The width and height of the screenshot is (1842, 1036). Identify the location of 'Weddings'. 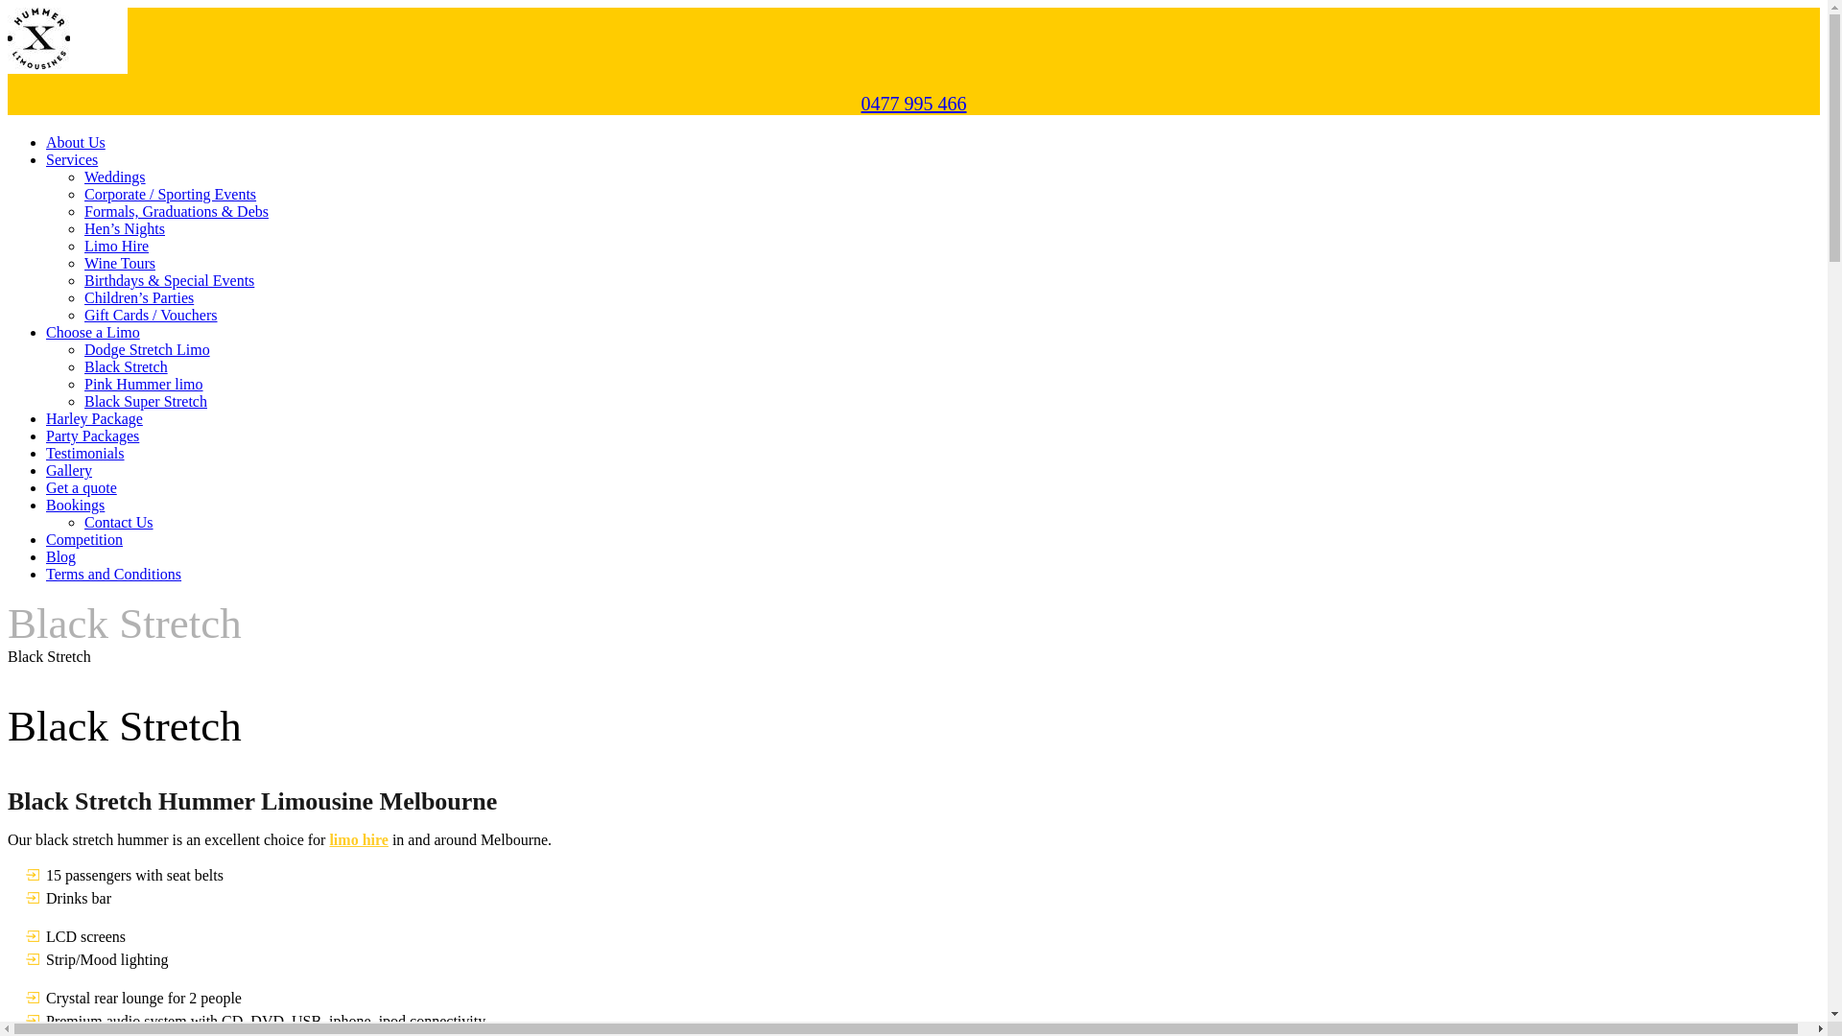
(114, 177).